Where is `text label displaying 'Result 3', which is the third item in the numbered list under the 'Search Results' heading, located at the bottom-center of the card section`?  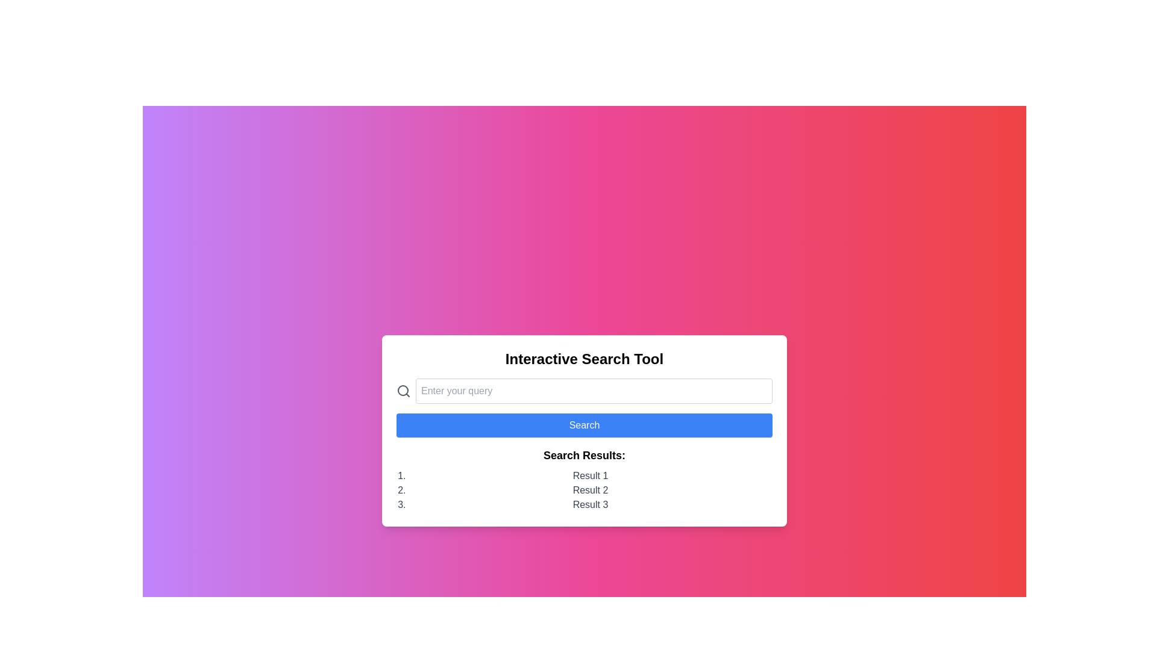 text label displaying 'Result 3', which is the third item in the numbered list under the 'Search Results' heading, located at the bottom-center of the card section is located at coordinates (590, 505).